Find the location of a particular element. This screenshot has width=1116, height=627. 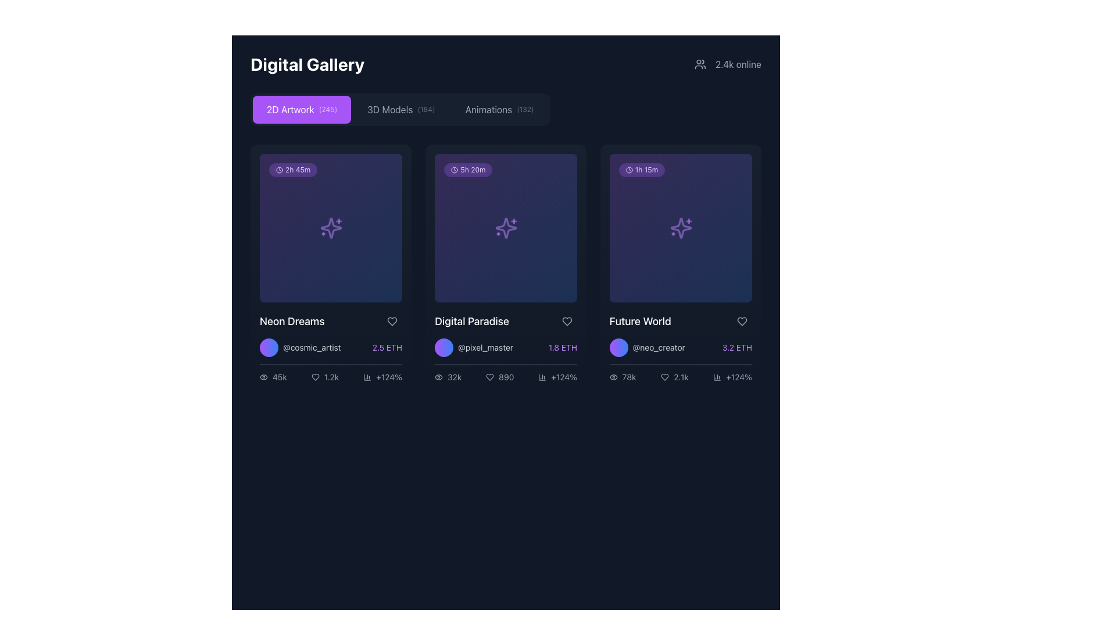

the heart-shaped button outlined in white, located below the 'Neon Dreams' NFT card, to observe potential tooltips is located at coordinates (392, 322).